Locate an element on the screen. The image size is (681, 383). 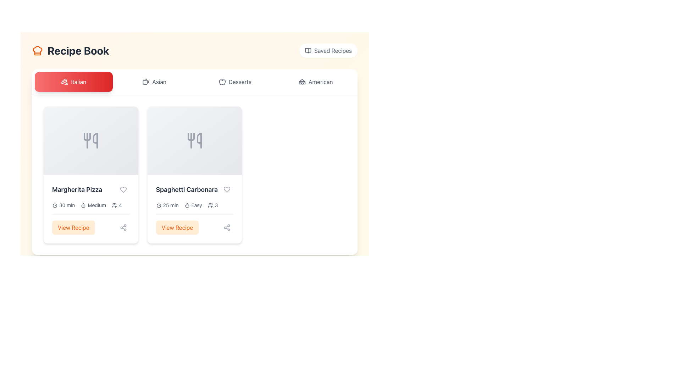
the Interactive Icon located in the lower-right corner of the 'Spaghetti Carbonara' card is located at coordinates (227, 189).